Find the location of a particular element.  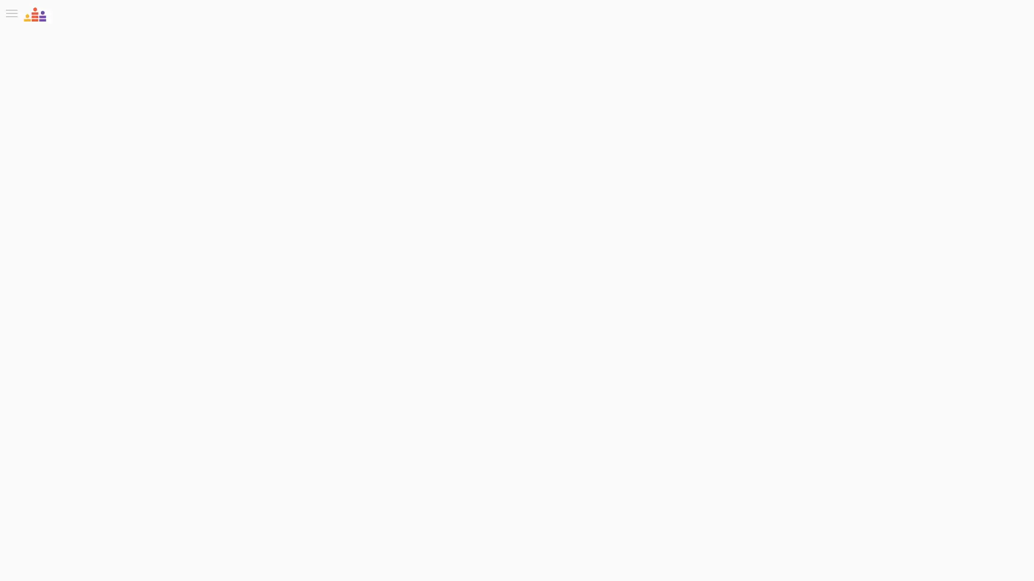

Watch replay is located at coordinates (675, 100).